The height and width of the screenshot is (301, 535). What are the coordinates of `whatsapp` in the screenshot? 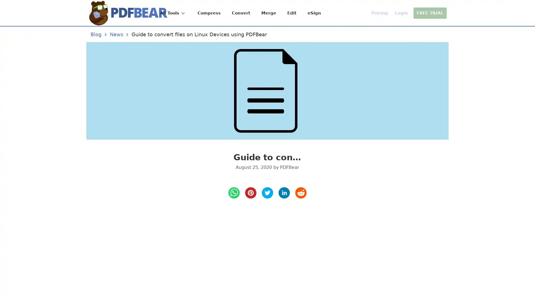 It's located at (234, 192).